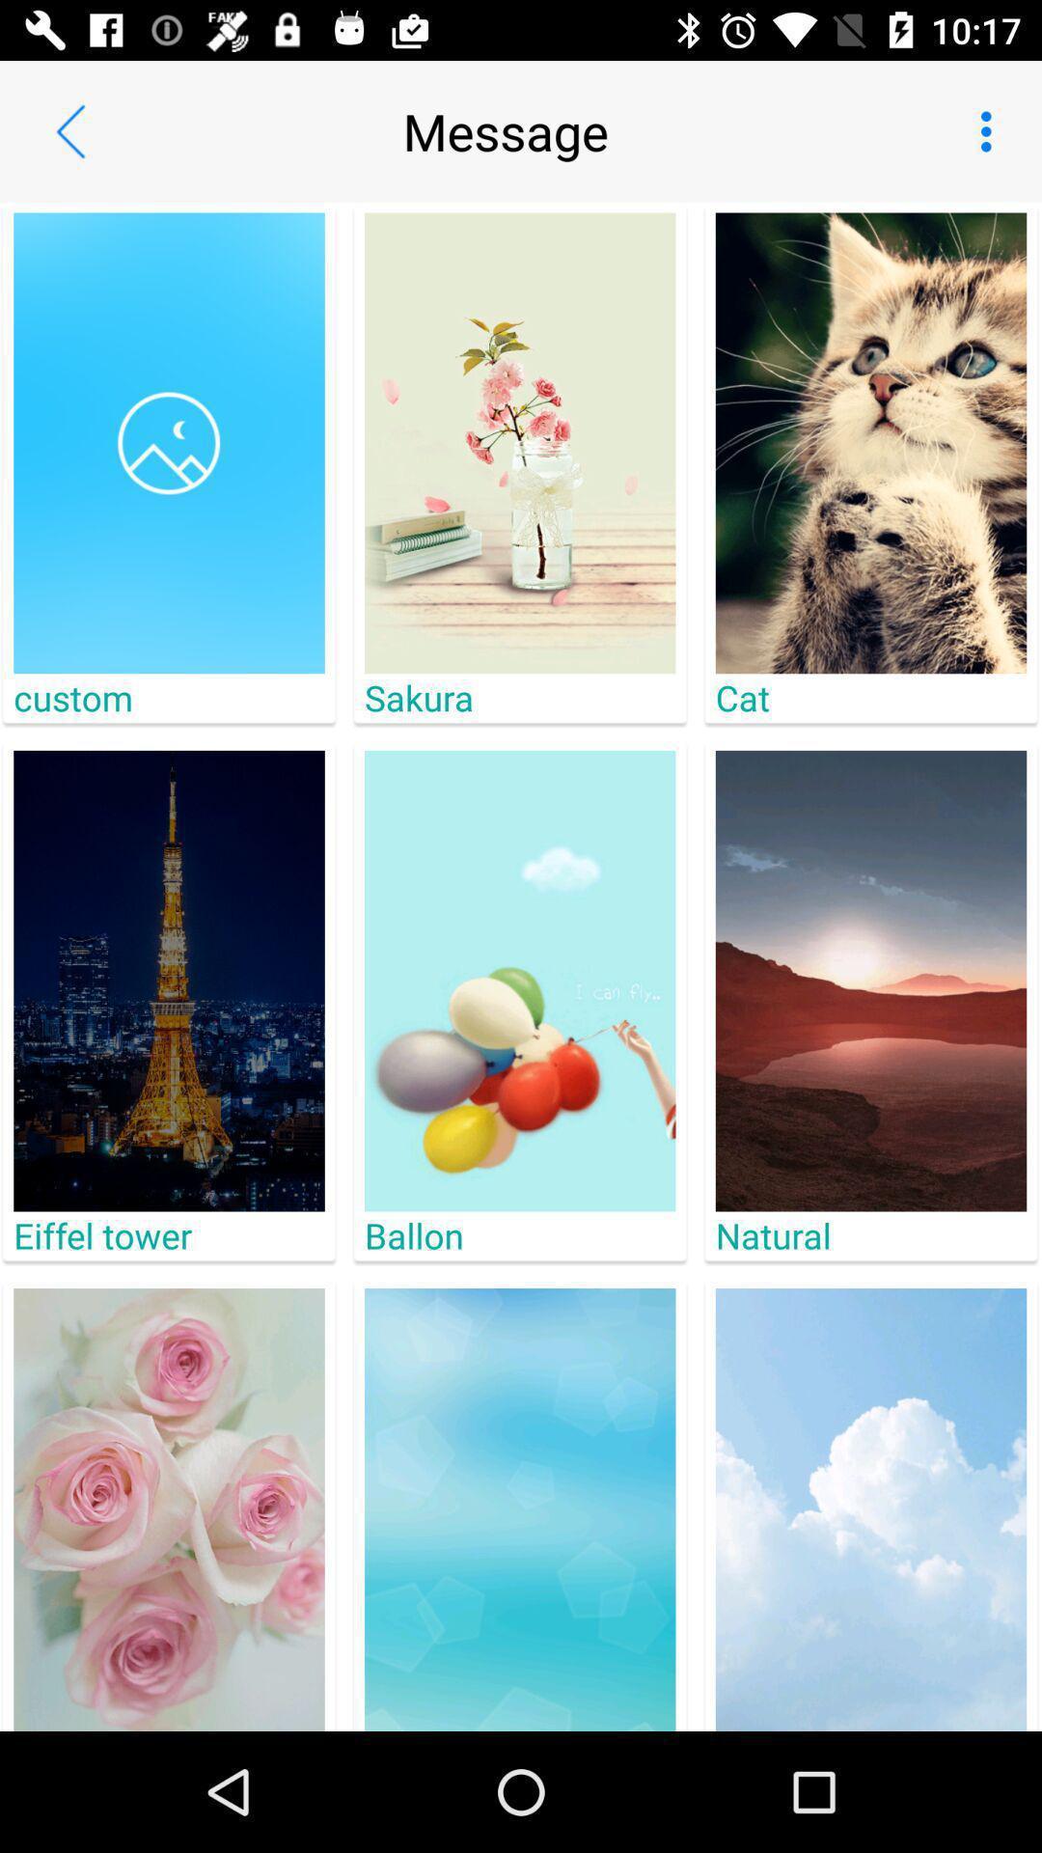 This screenshot has height=1853, width=1042. What do you see at coordinates (991, 130) in the screenshot?
I see `app next to message app` at bounding box center [991, 130].